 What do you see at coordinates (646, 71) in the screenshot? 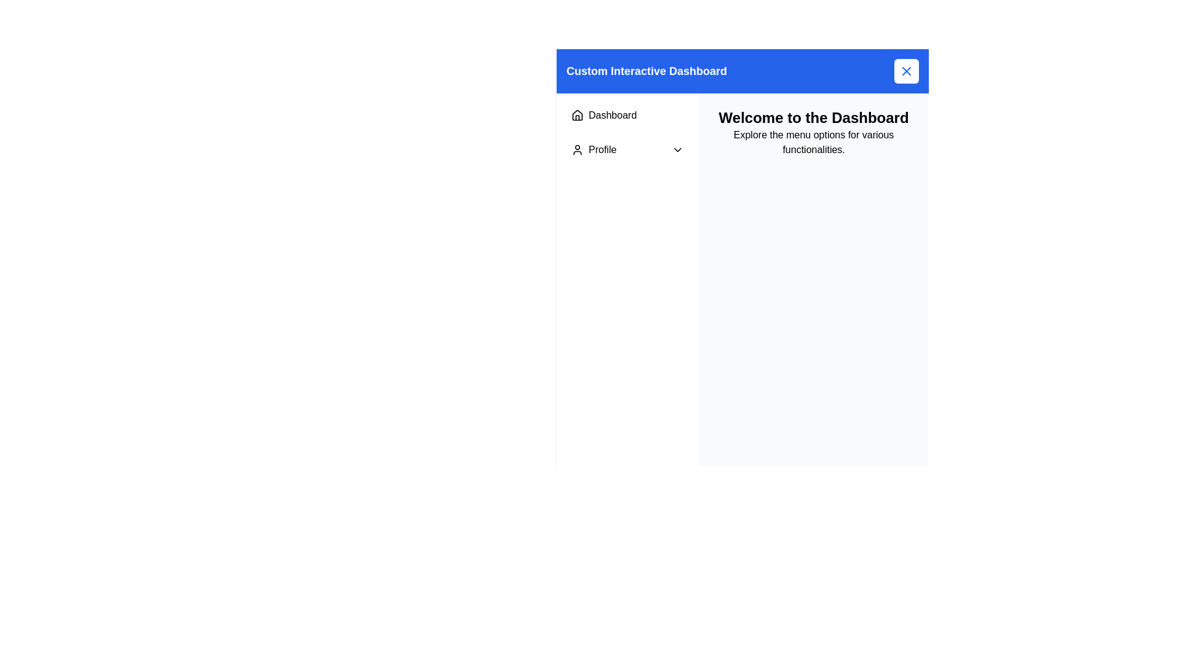
I see `the static text label displaying the title 'Custom Interactive Dashboard' located on the blue background bar at the top of the interface` at bounding box center [646, 71].